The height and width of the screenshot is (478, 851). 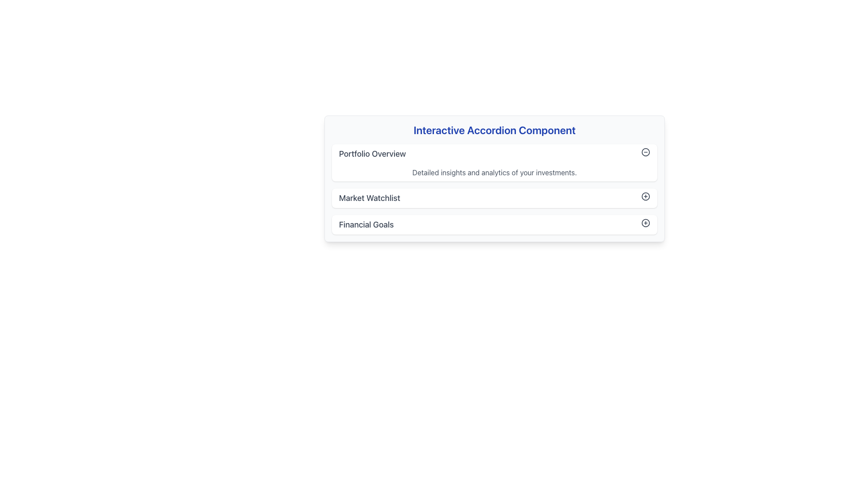 What do you see at coordinates (494, 172) in the screenshot?
I see `the descriptive paragraph providing additional information about the 'Portfolio Overview' section, located below the 'Portfolio Overview' header within the card widget` at bounding box center [494, 172].